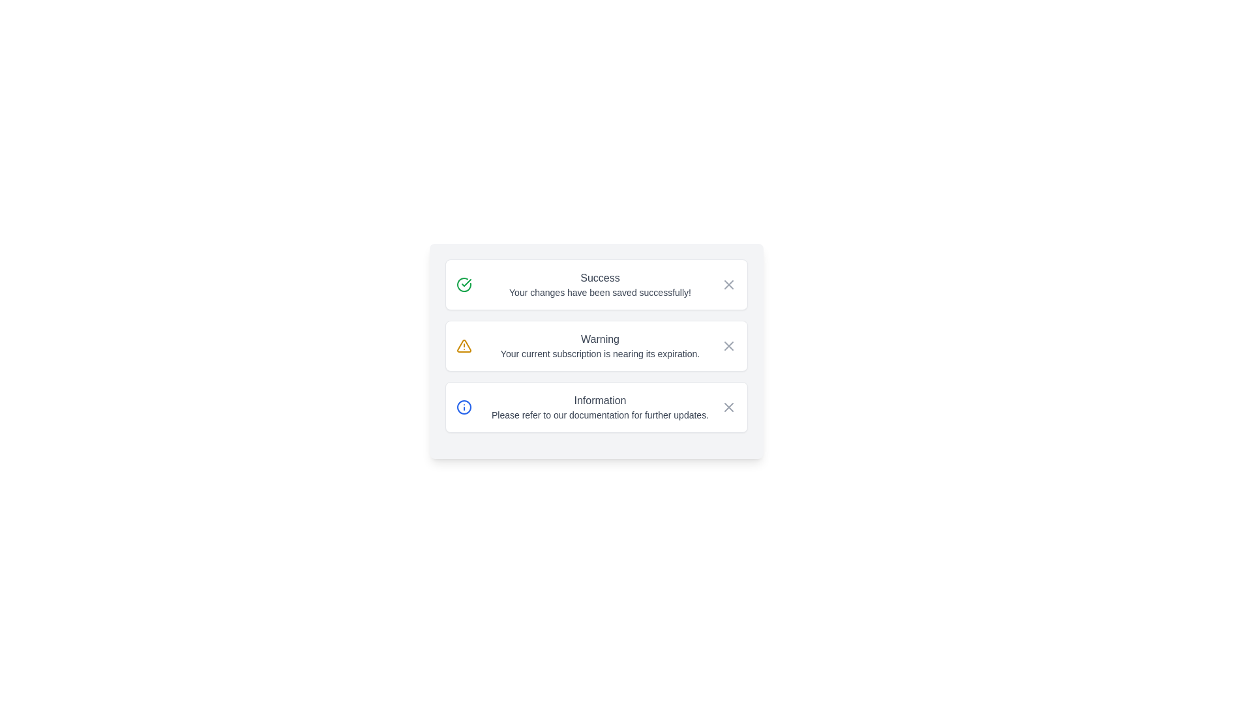 Image resolution: width=1252 pixels, height=704 pixels. What do you see at coordinates (464, 406) in the screenshot?
I see `the informational icon located to the left of the text content starting with 'Information' in the lower notification card by clicking on it` at bounding box center [464, 406].